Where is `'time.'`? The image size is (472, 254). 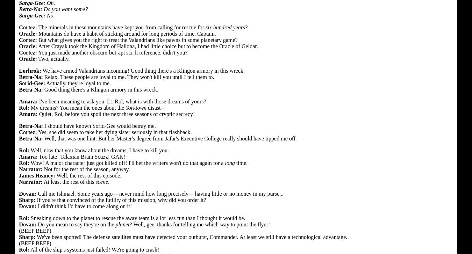
'time.' is located at coordinates (241, 162).